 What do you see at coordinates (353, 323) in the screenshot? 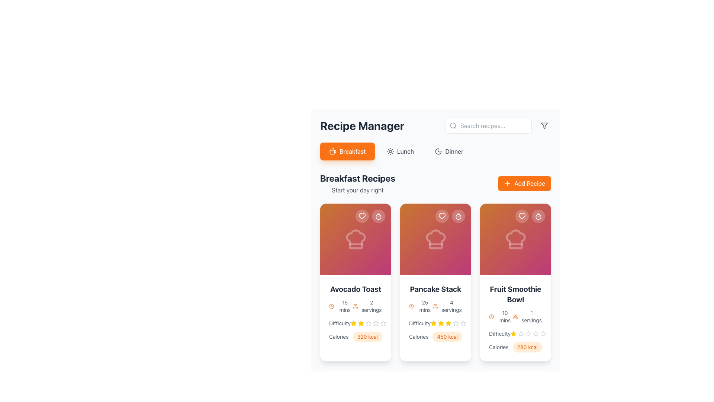
I see `the yellow star icon located under the 'Difficulty' label in the 'Breakfast Recipes' section` at bounding box center [353, 323].